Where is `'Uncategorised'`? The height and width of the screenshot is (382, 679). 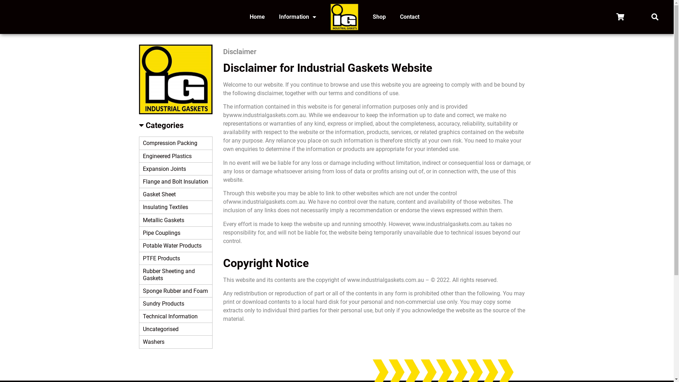
'Uncategorised' is located at coordinates (176, 329).